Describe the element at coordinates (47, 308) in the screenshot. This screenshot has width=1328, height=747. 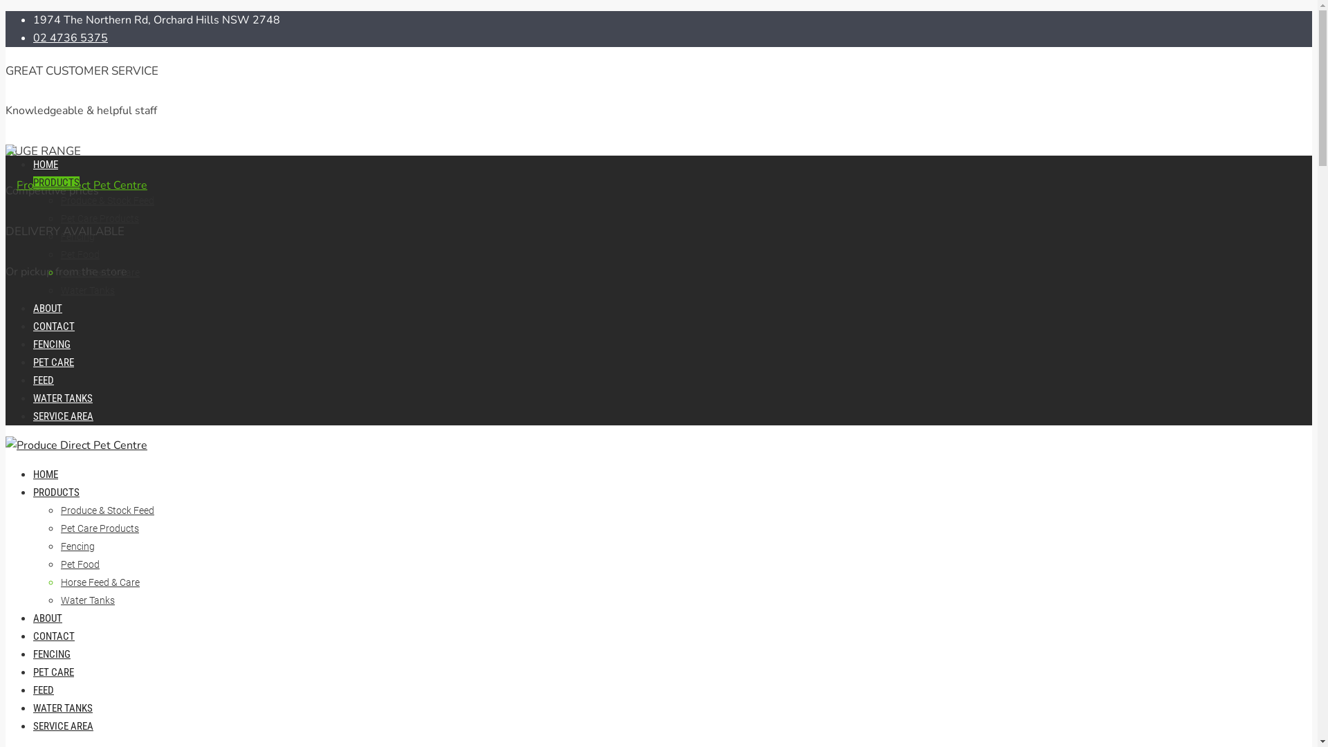
I see `'ABOUT'` at that location.